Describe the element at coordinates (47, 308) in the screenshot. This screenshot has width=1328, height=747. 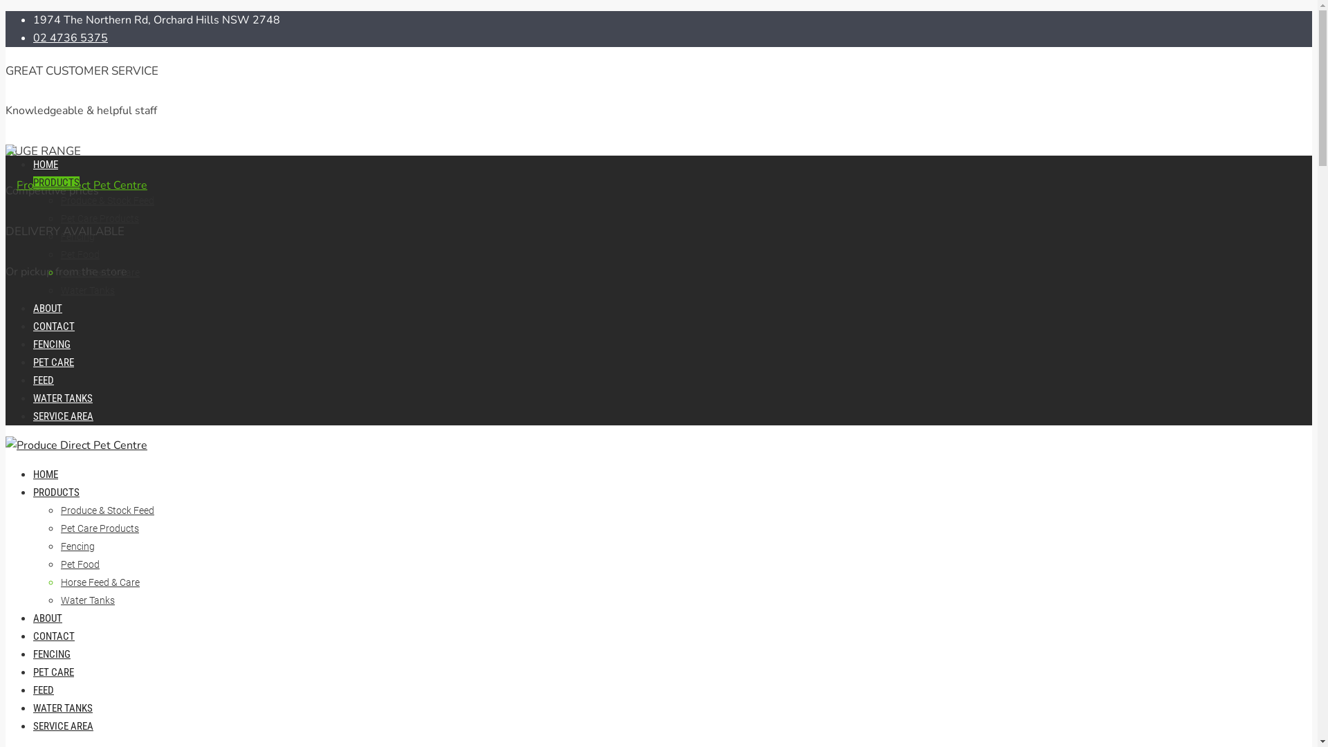
I see `'ABOUT'` at that location.